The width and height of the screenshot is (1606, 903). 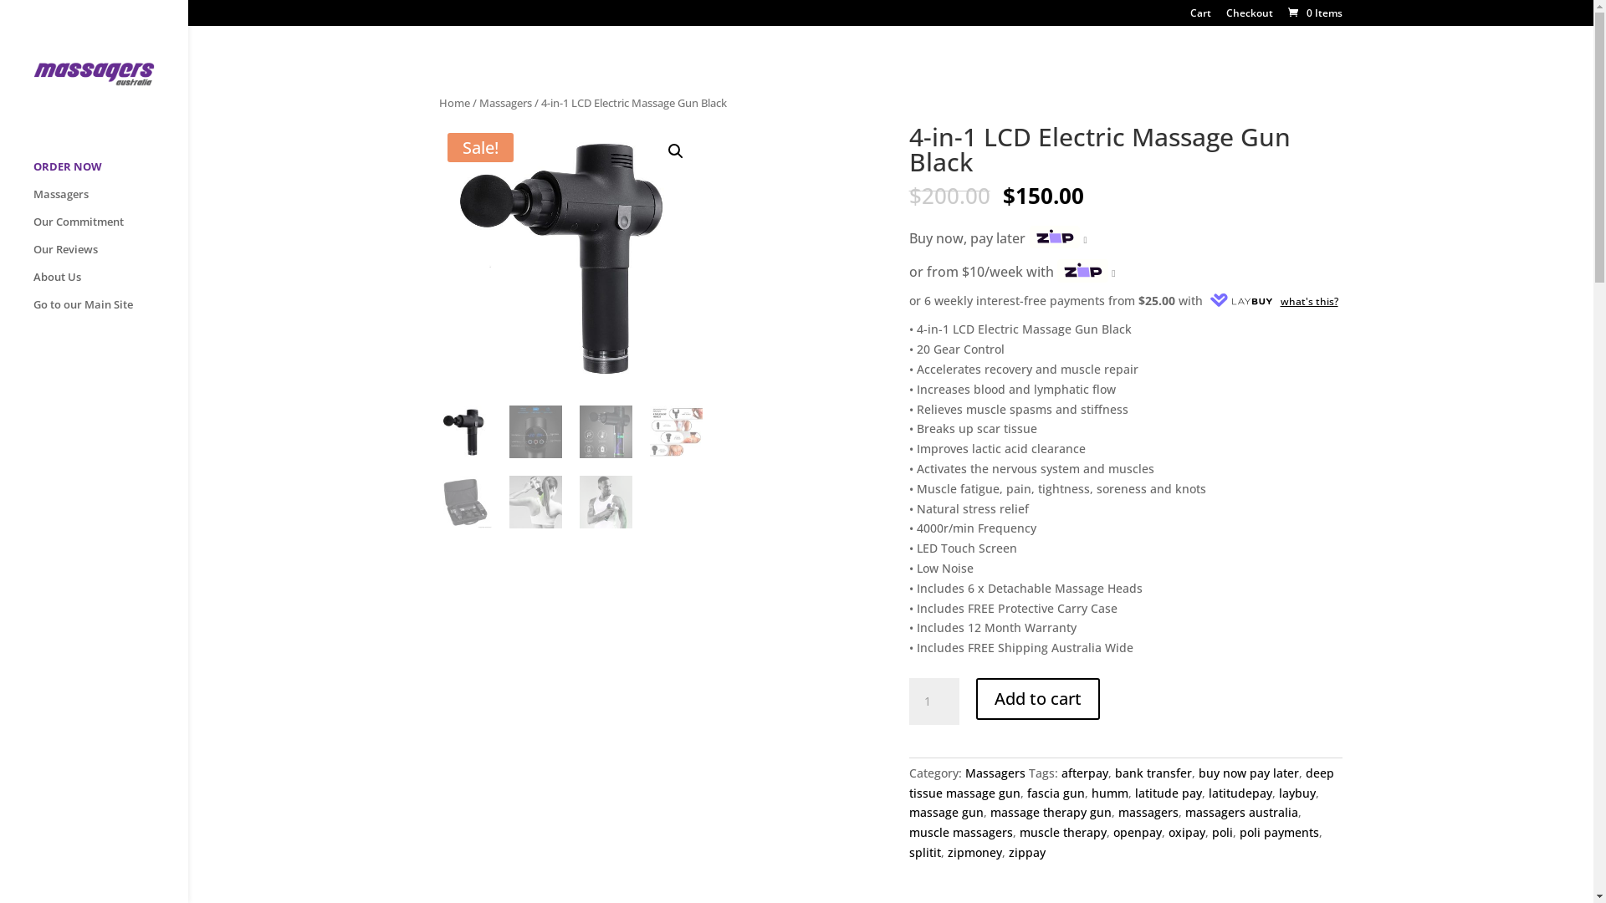 I want to click on 'fascia gun', so click(x=1055, y=792).